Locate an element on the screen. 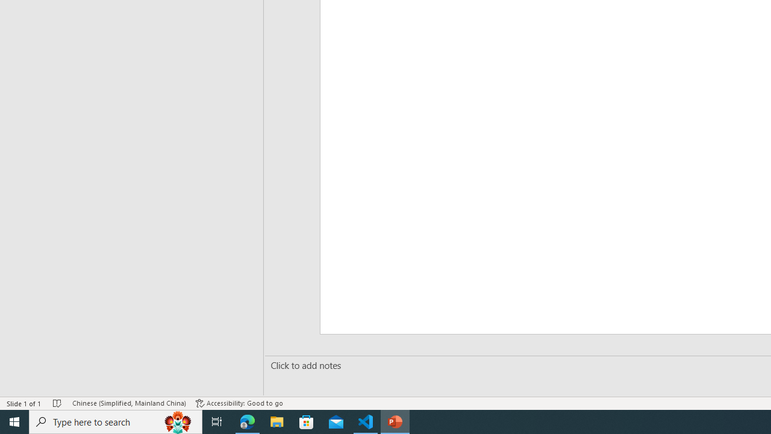 Image resolution: width=771 pixels, height=434 pixels. 'Spell Check No Errors' is located at coordinates (57, 403).